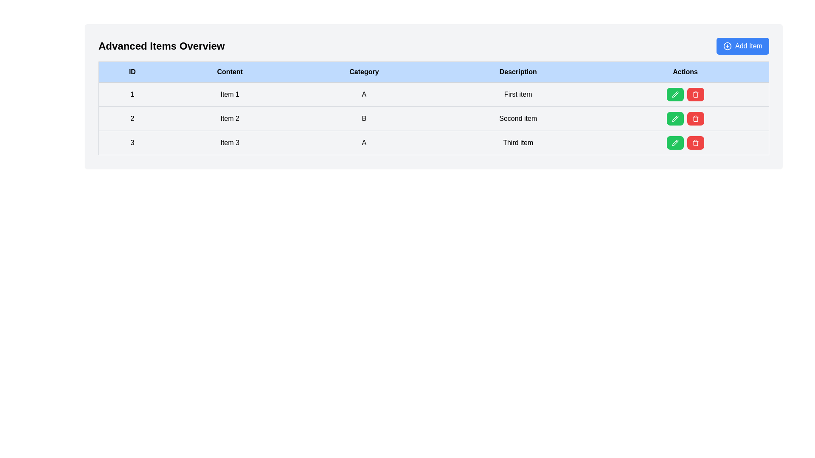 Image resolution: width=815 pixels, height=458 pixels. I want to click on text content of the cell containing the character 'A' in the third row under the 'Category' column of the table, so click(364, 142).